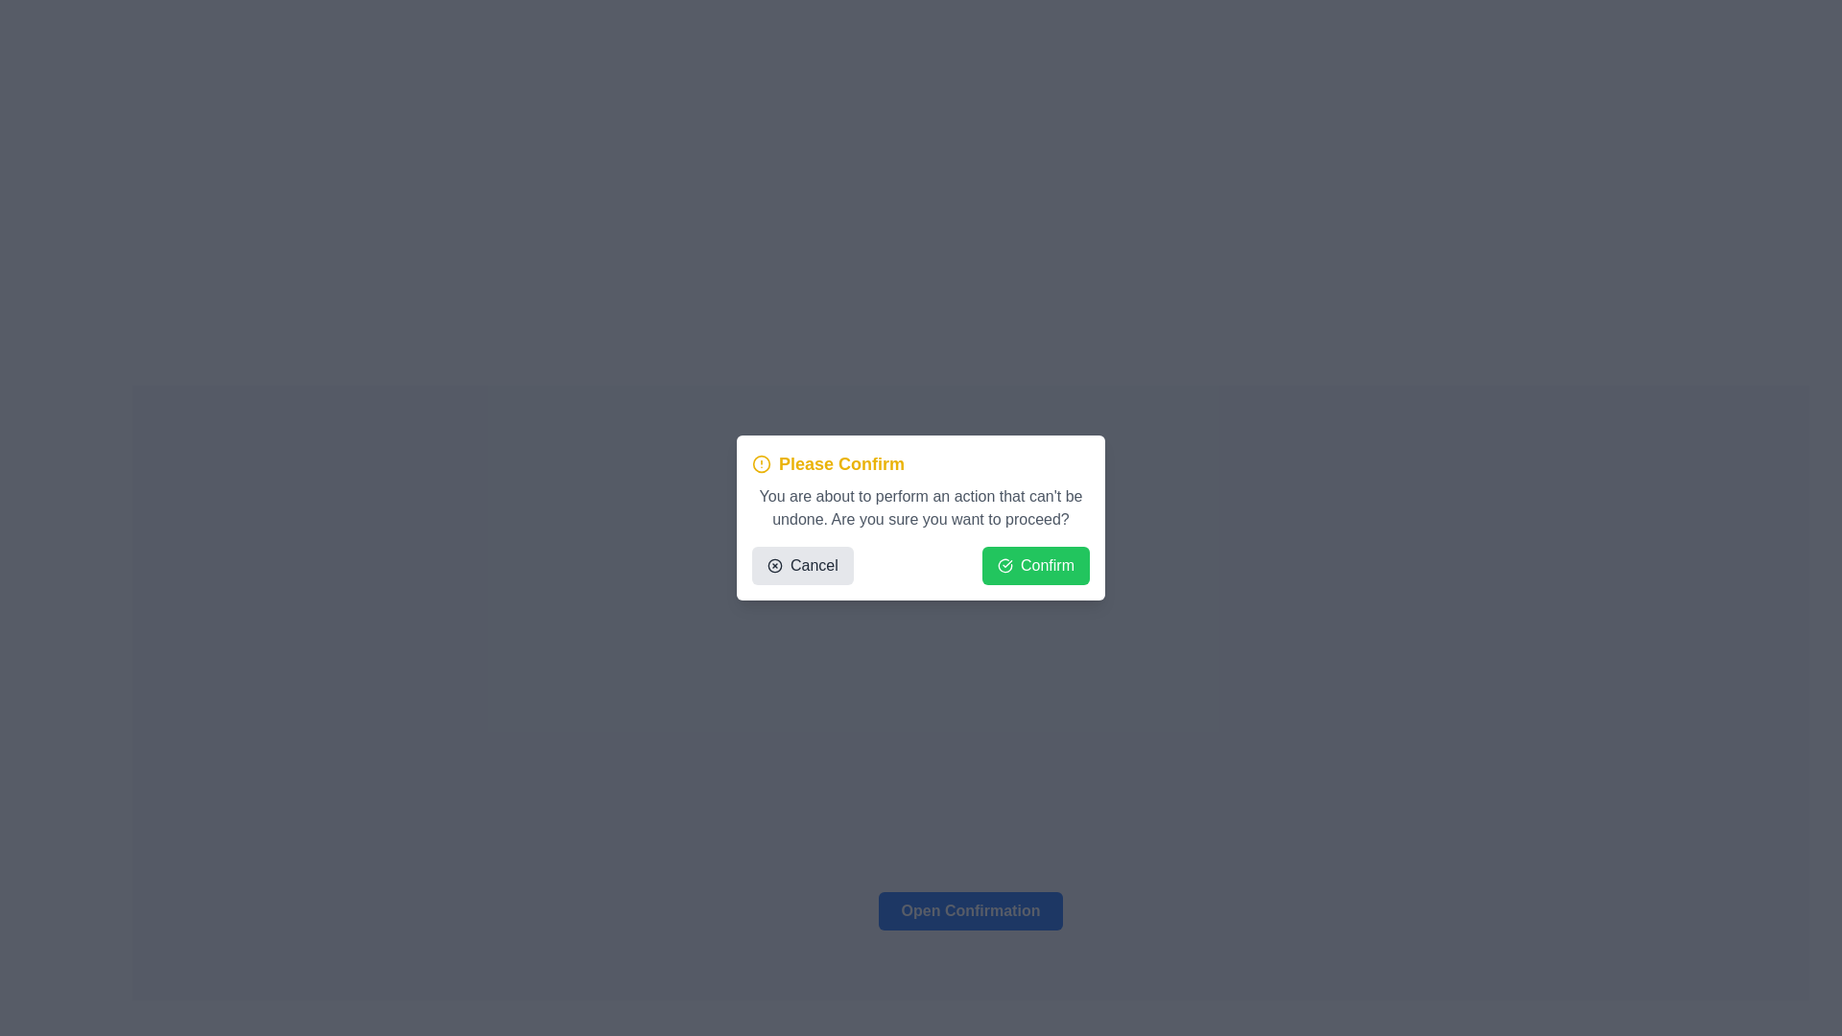  Describe the element at coordinates (921, 506) in the screenshot. I see `the warning message text block that states 'You are about to perform an action that can't be undone. Are you sure you want to proceed?', which is centrally aligned below the title 'Please Confirm' and above the buttons 'Cancel' and 'Confirm'` at that location.